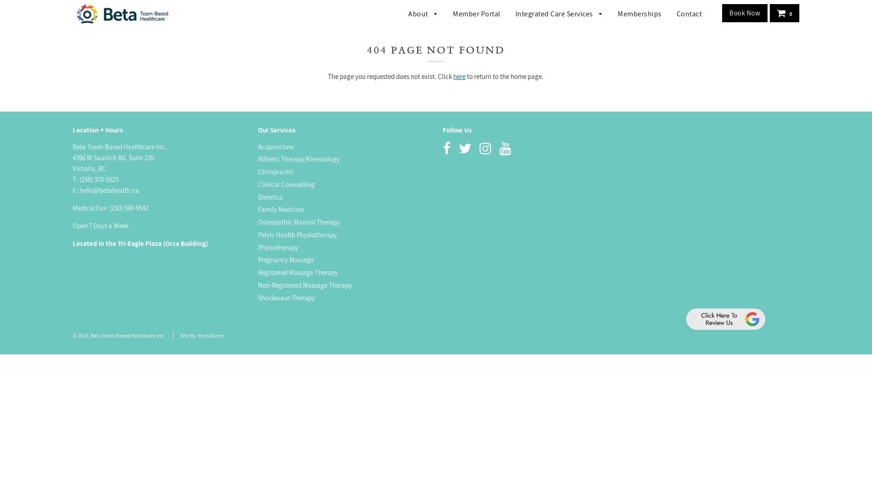 This screenshot has width=872, height=490. Describe the element at coordinates (257, 222) in the screenshot. I see `'Osteopathic Manual Therapy'` at that location.